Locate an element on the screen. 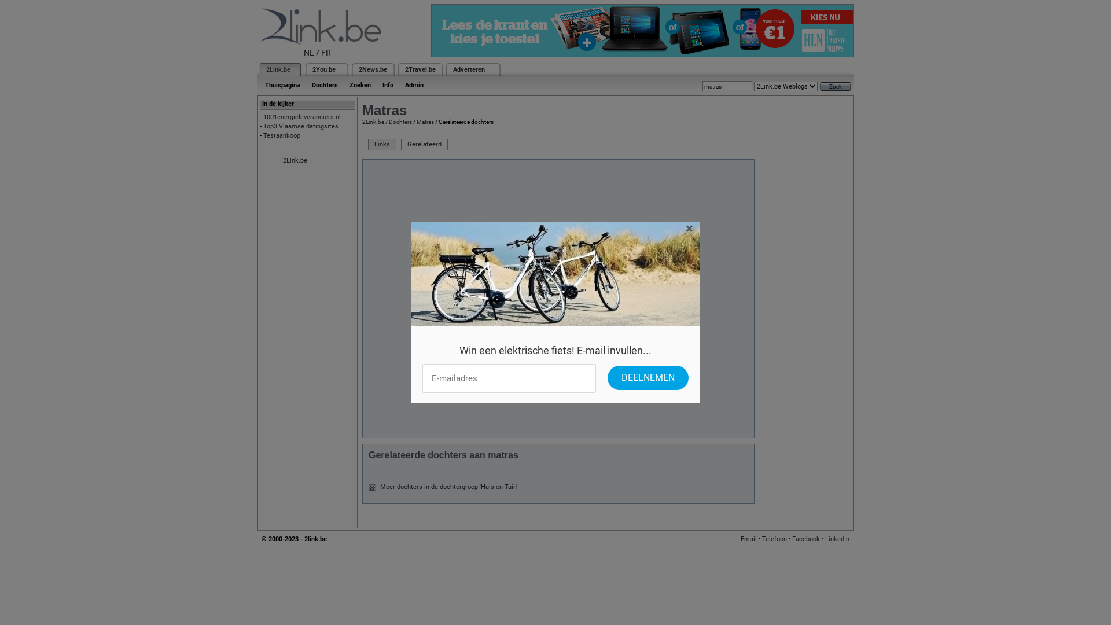 The height and width of the screenshot is (625, 1111). 'Telefoon' is located at coordinates (774, 539).